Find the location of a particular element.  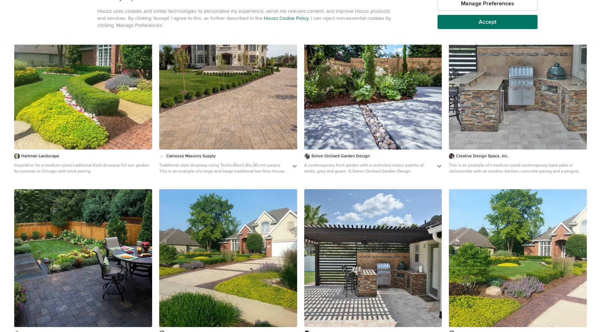

'Inspiration for a medium sized traditional front driveway full sun garden for summer in Chicago with brick paving.' is located at coordinates (81, 168).